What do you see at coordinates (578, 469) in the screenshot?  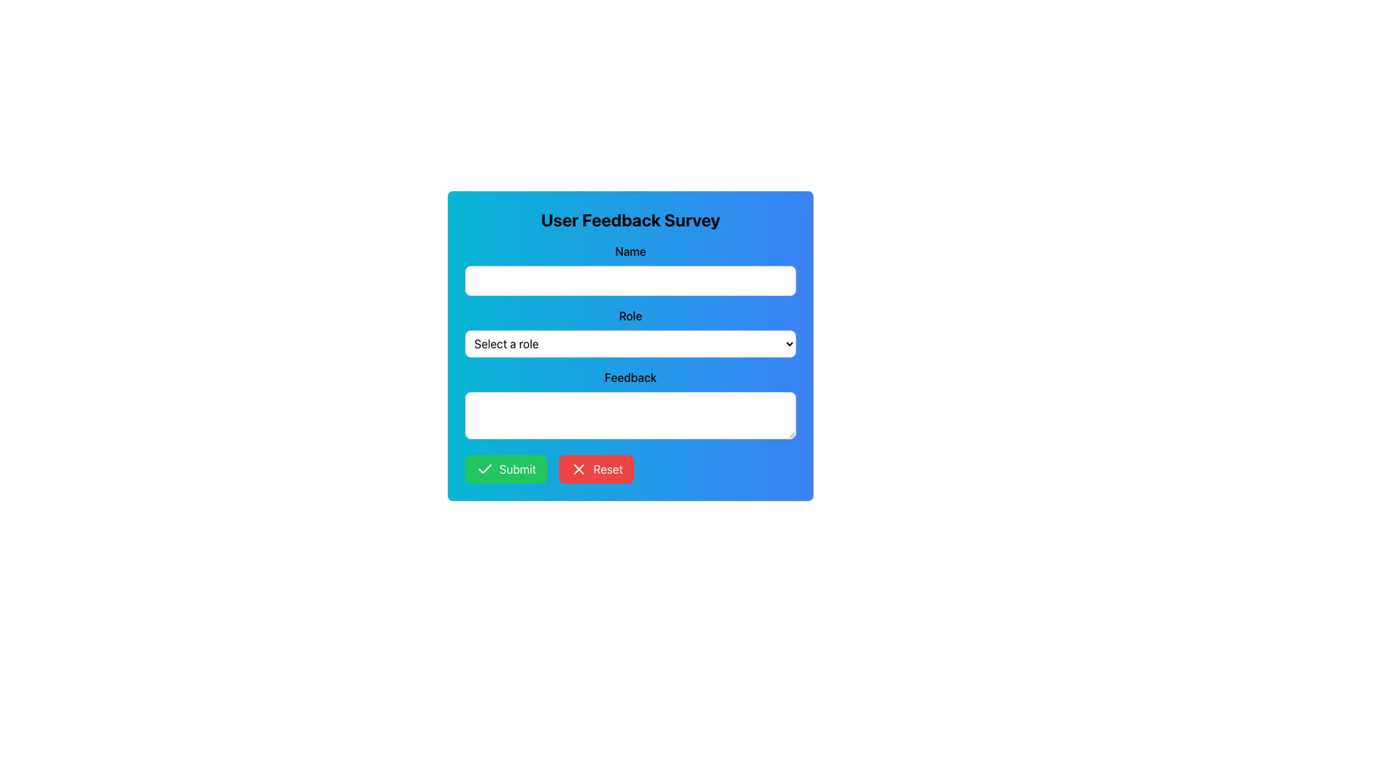 I see `the 'Reset' icon (SVG) located at the bottom right of the form` at bounding box center [578, 469].